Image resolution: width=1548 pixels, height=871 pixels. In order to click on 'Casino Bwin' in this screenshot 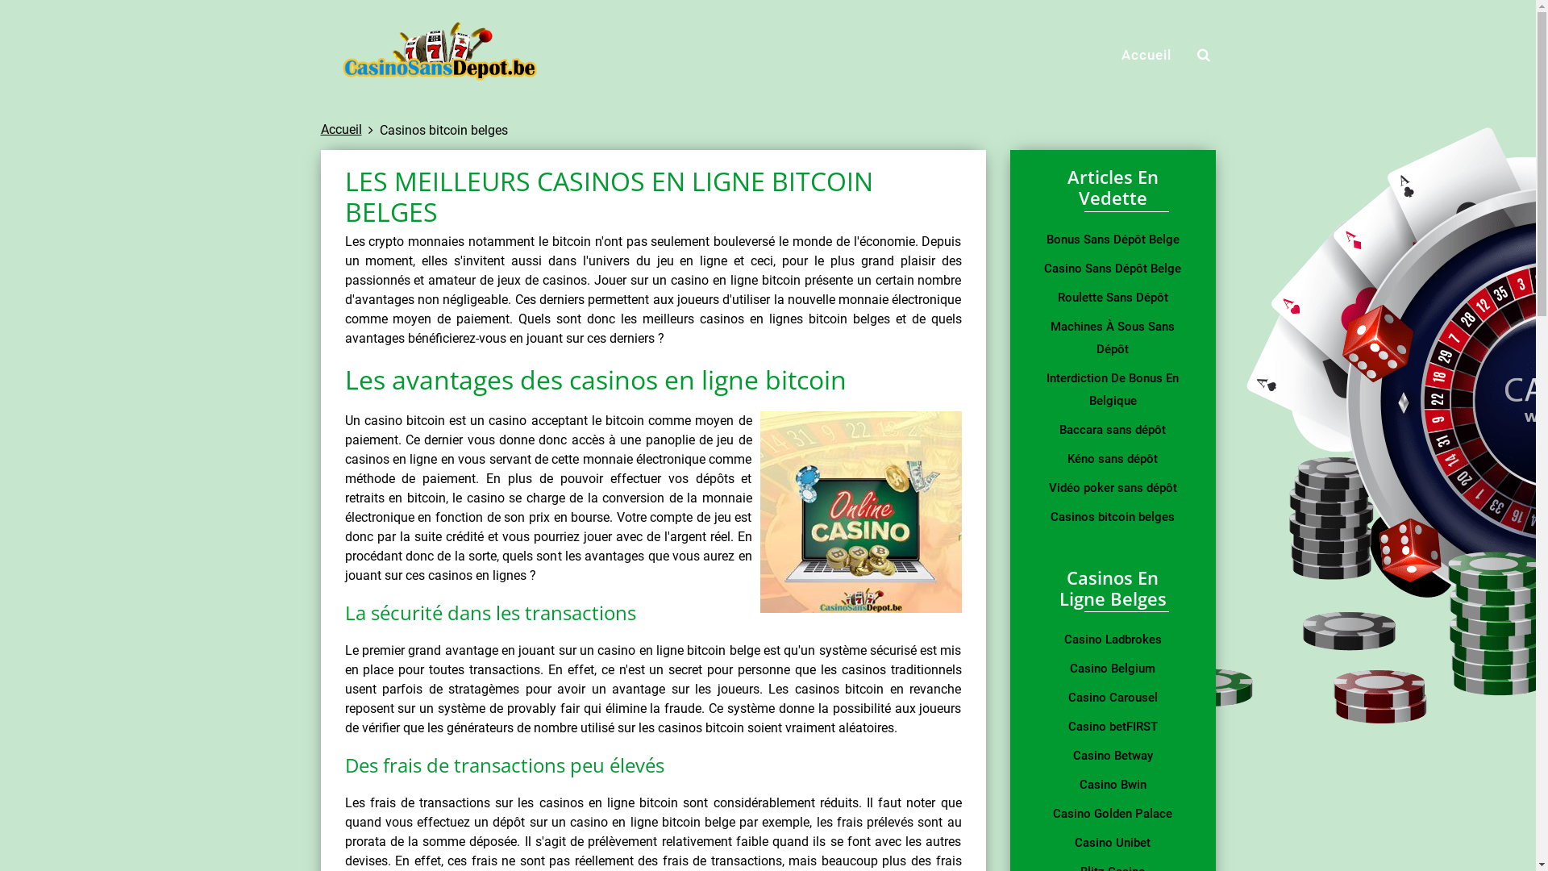, I will do `click(1111, 783)`.